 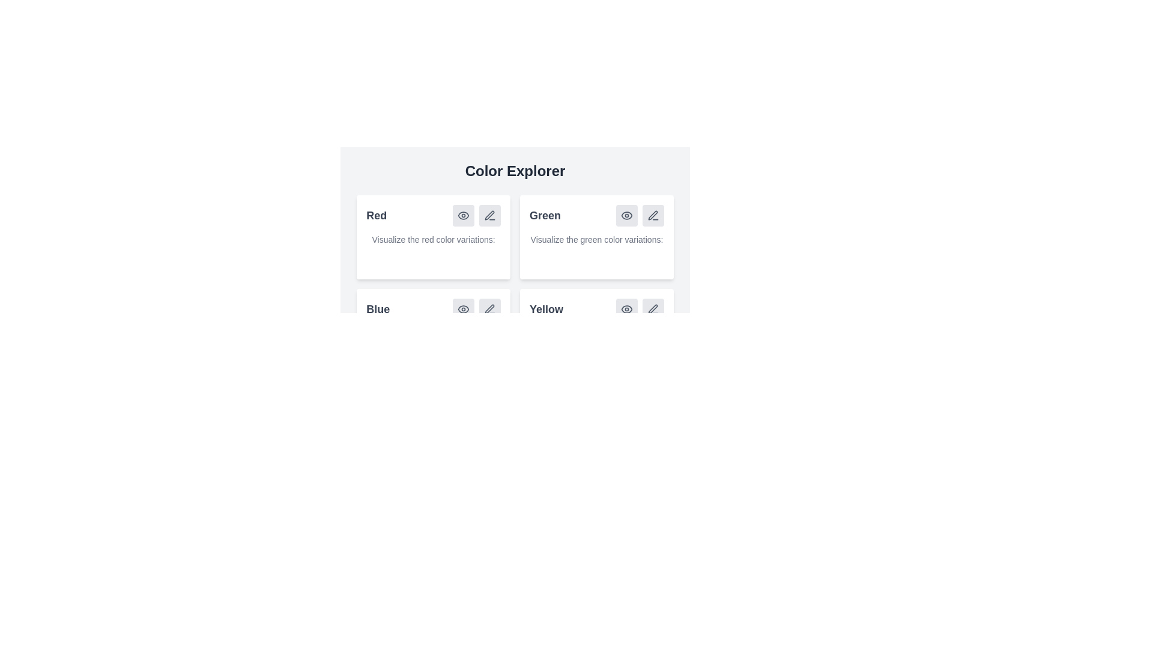 What do you see at coordinates (652, 215) in the screenshot?
I see `the pen icon, which symbolizes an edit action, located to the right of the 'Green' card in the Color Explorer section of the interface` at bounding box center [652, 215].